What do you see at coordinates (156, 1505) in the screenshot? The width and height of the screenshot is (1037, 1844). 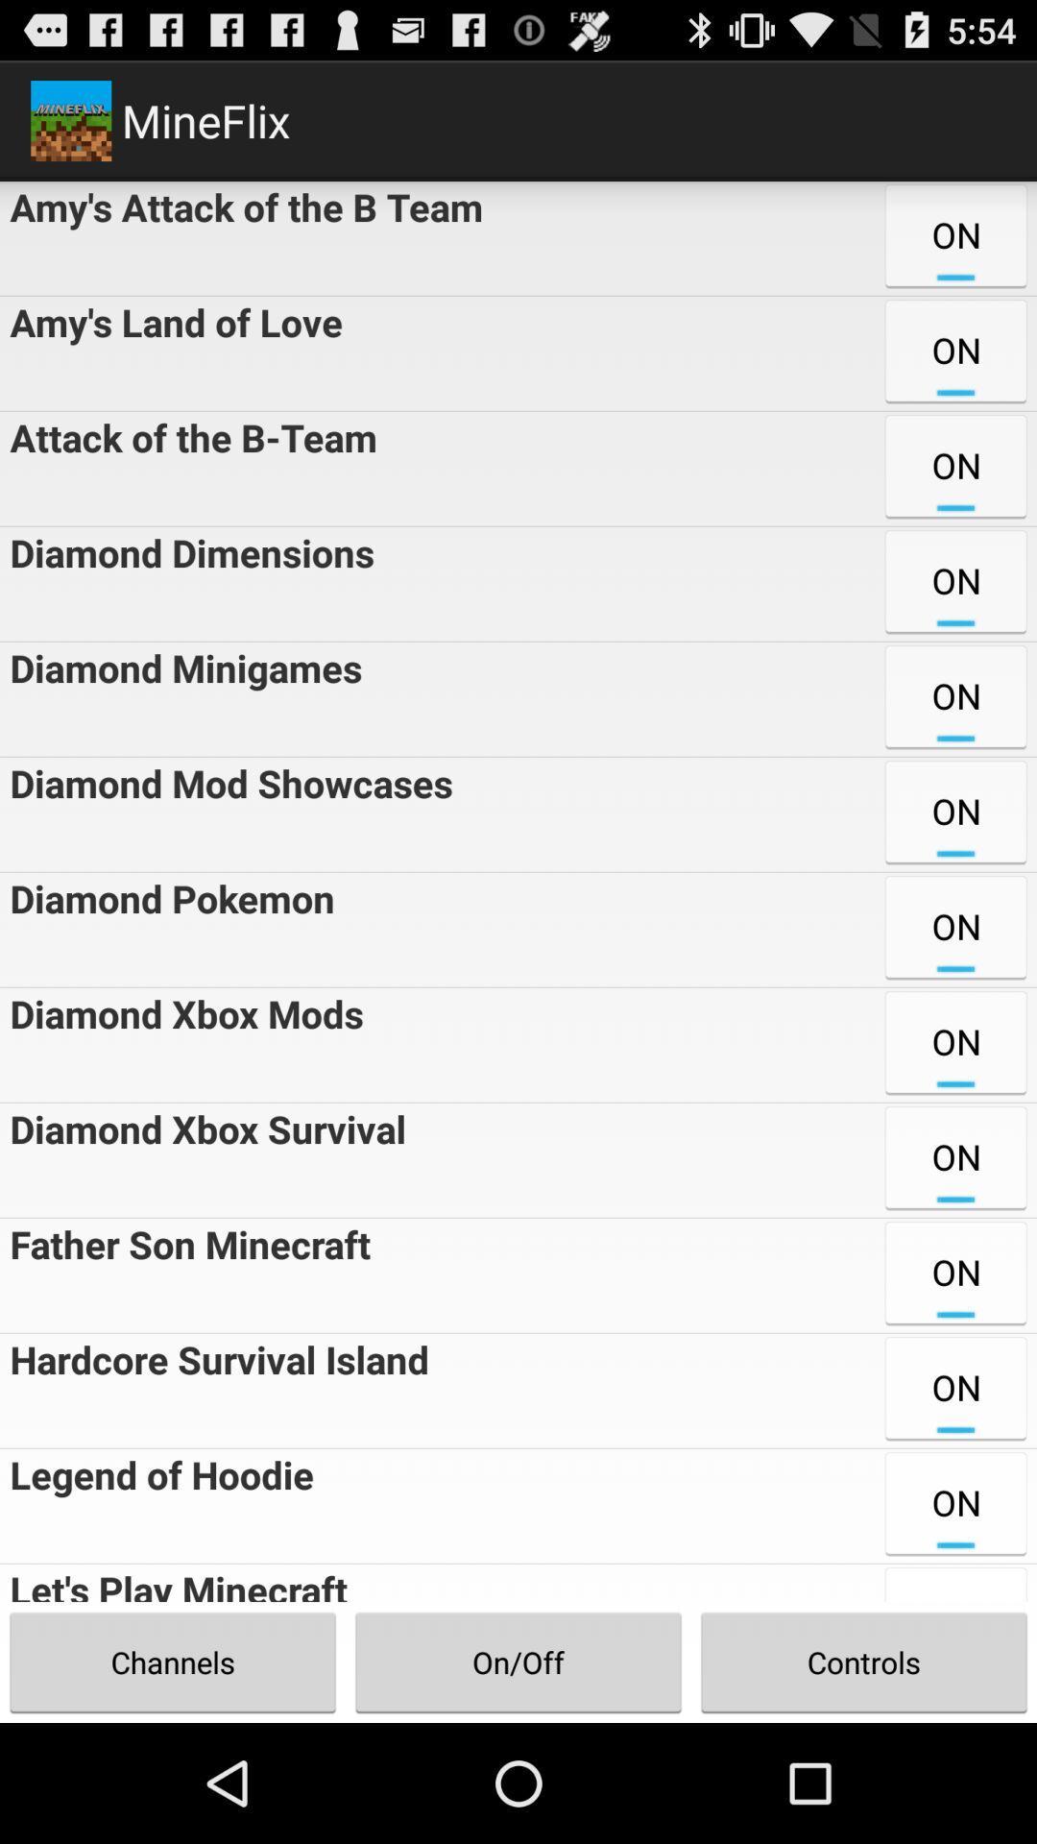 I see `item above let s play item` at bounding box center [156, 1505].